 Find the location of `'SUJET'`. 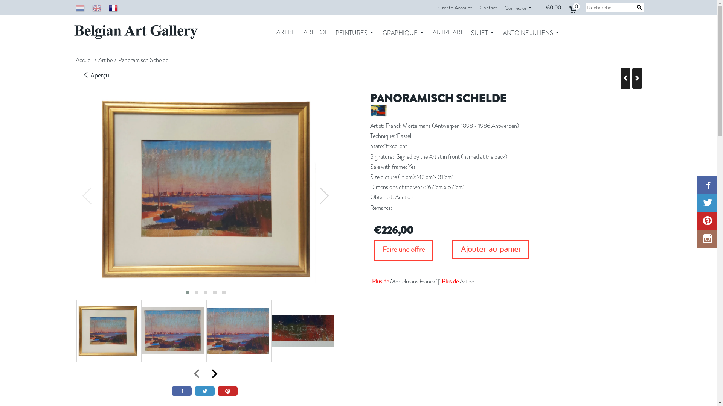

'SUJET' is located at coordinates (483, 32).